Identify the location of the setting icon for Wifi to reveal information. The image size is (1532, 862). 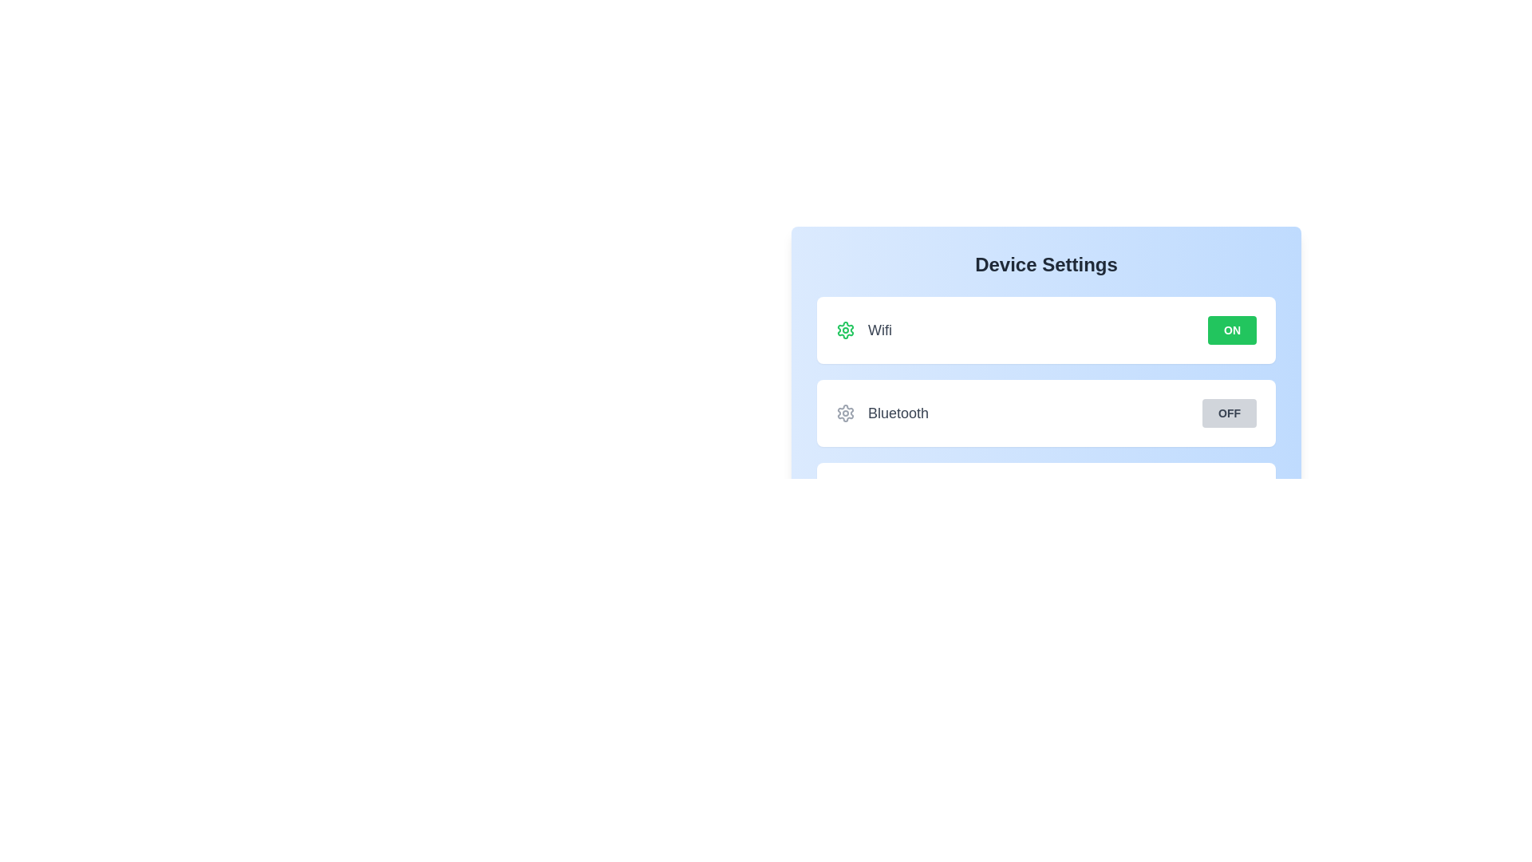
(845, 329).